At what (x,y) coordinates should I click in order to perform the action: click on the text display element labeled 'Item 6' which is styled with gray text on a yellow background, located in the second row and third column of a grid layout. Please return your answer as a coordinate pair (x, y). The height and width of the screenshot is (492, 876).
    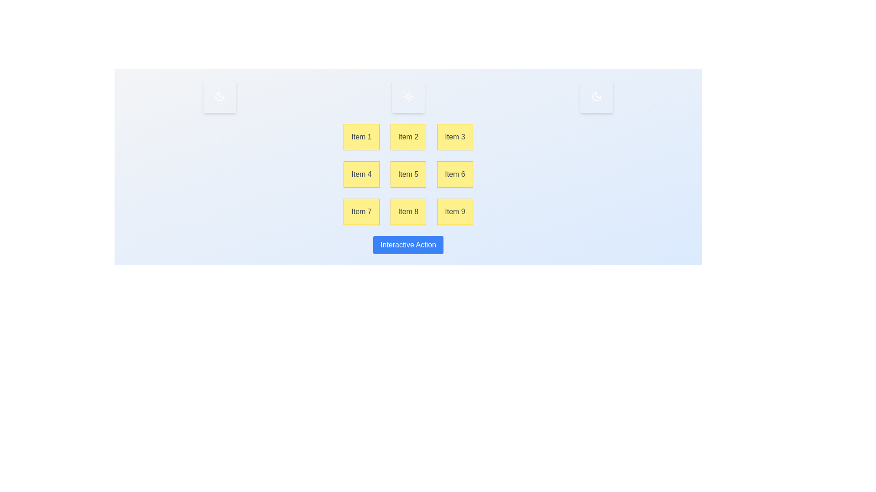
    Looking at the image, I should click on (455, 174).